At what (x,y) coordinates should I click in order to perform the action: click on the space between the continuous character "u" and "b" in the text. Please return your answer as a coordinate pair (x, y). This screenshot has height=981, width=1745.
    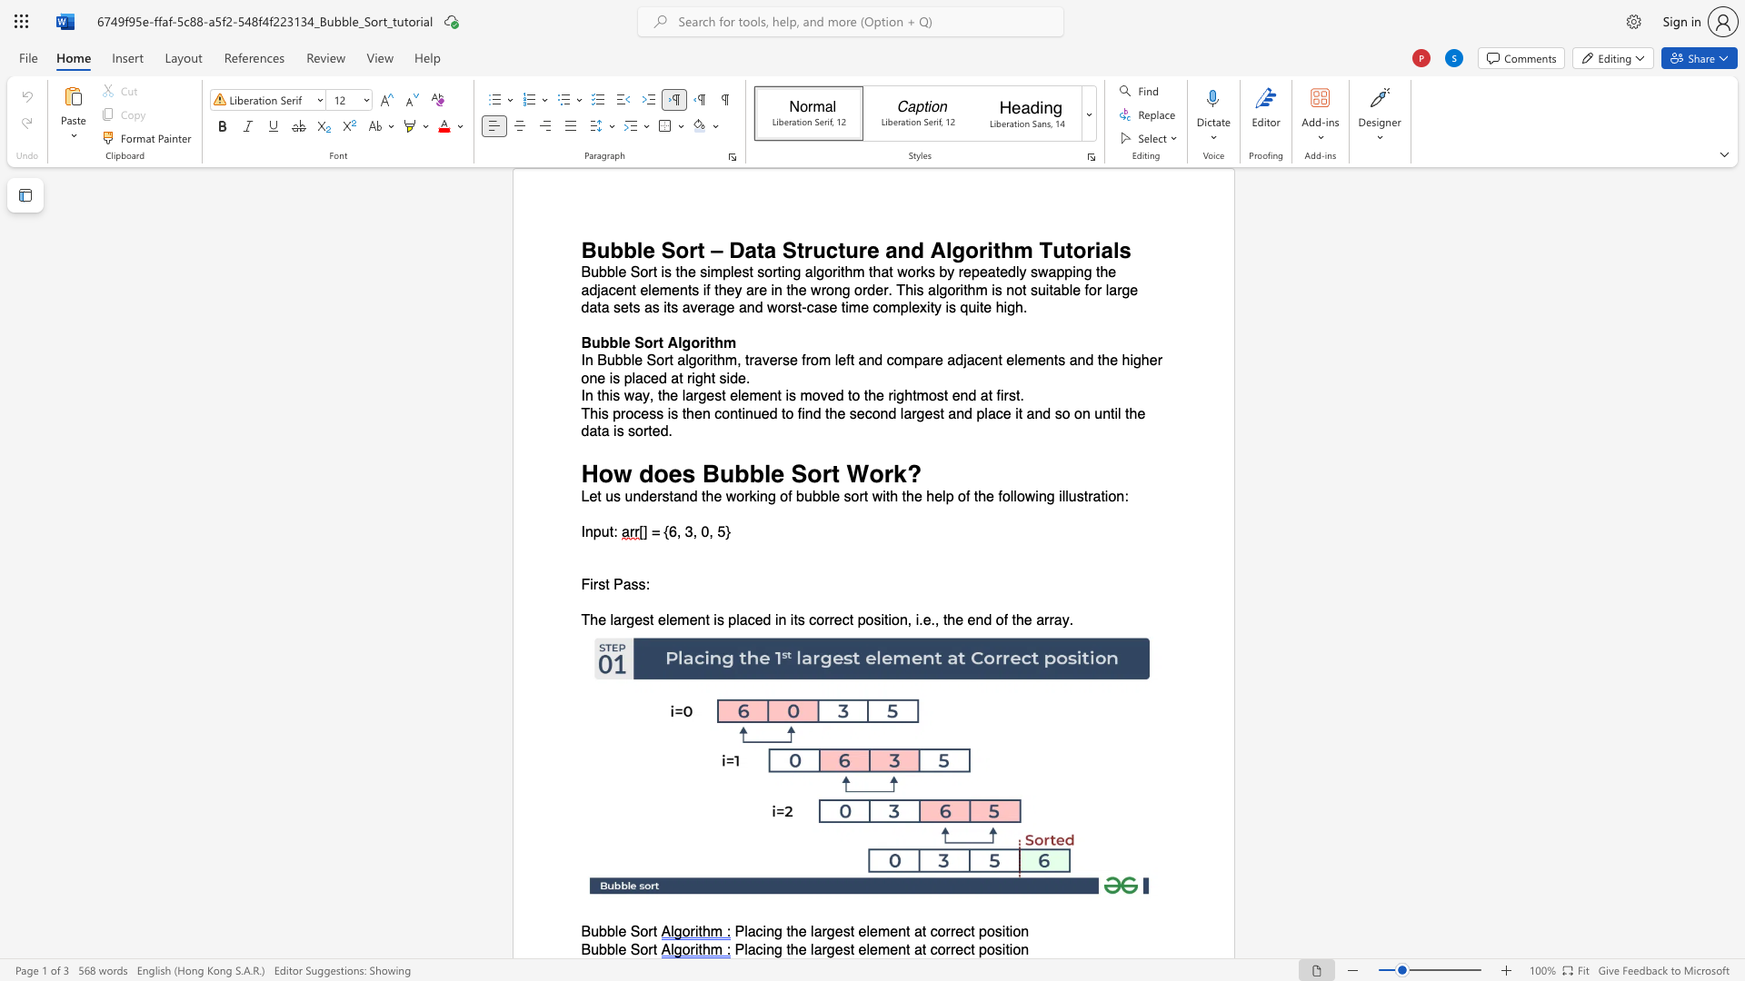
    Looking at the image, I should click on (599, 948).